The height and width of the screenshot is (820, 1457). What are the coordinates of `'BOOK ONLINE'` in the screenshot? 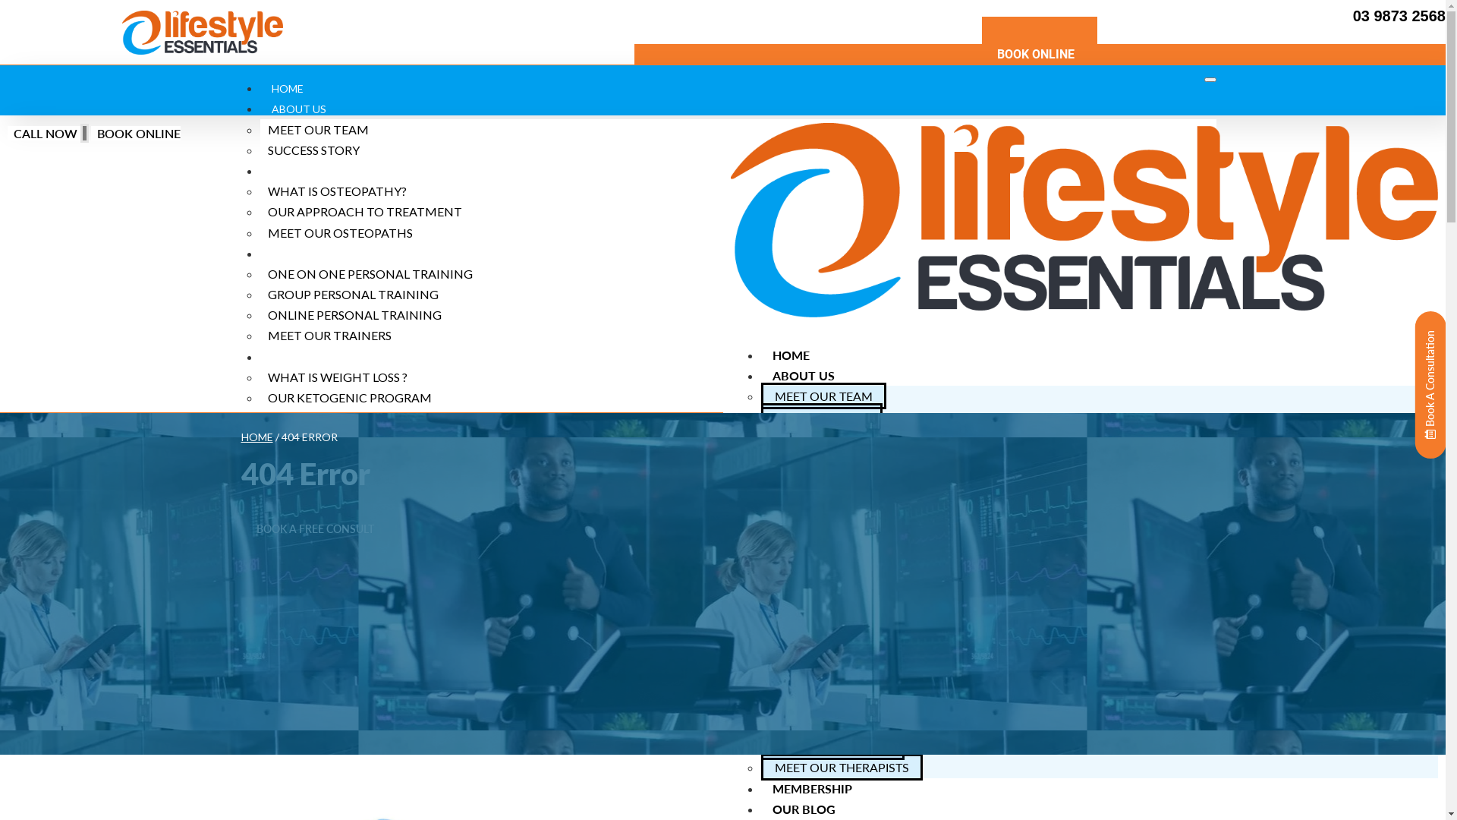 It's located at (1038, 53).